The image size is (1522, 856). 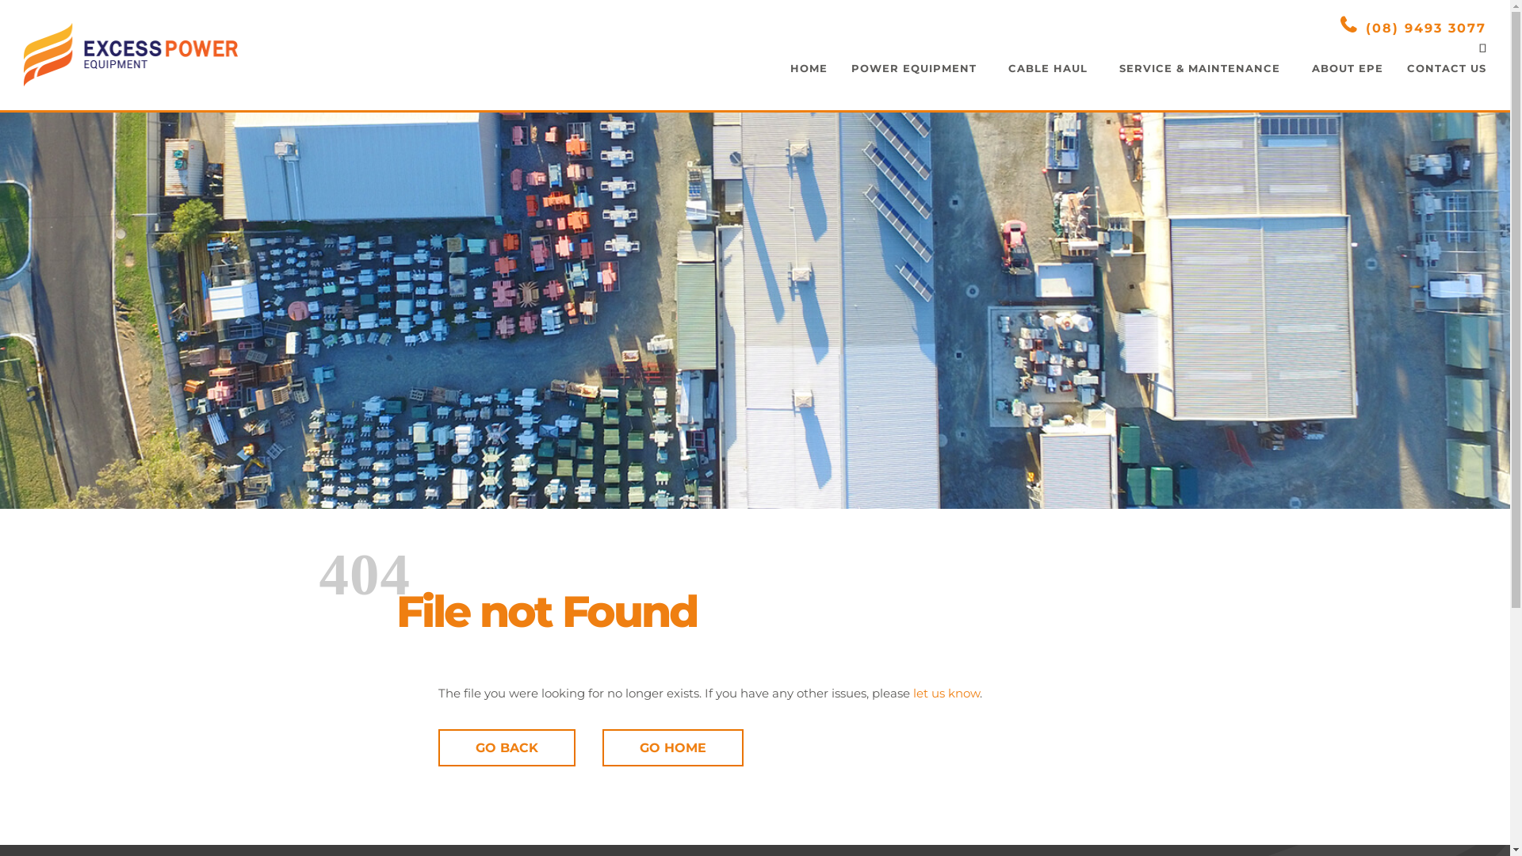 I want to click on 'GO HOME', so click(x=673, y=747).